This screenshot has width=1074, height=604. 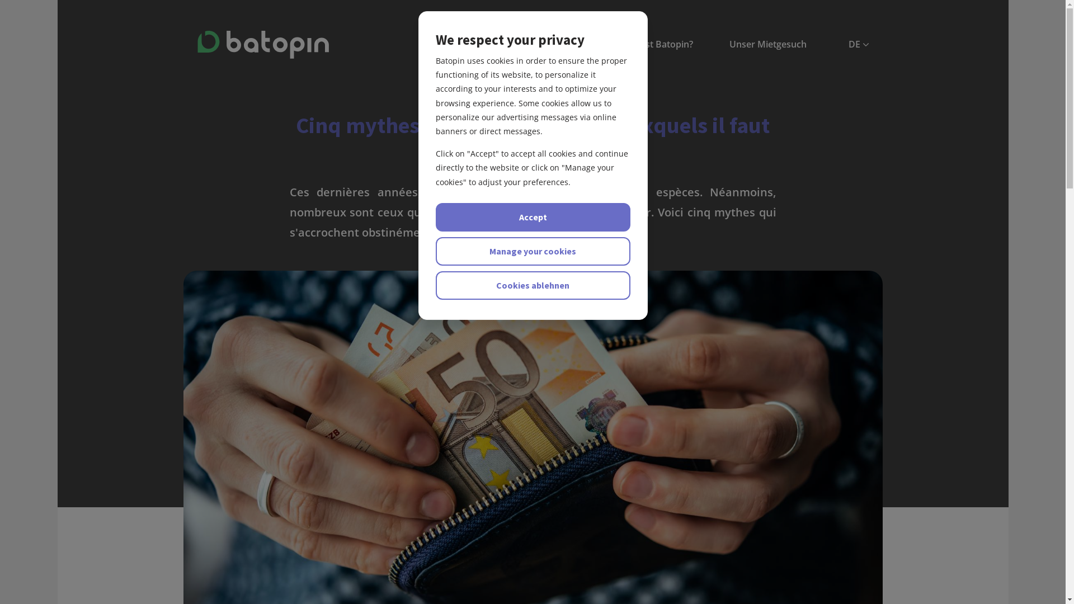 I want to click on 'Cookies ablehnen', so click(x=531, y=285).